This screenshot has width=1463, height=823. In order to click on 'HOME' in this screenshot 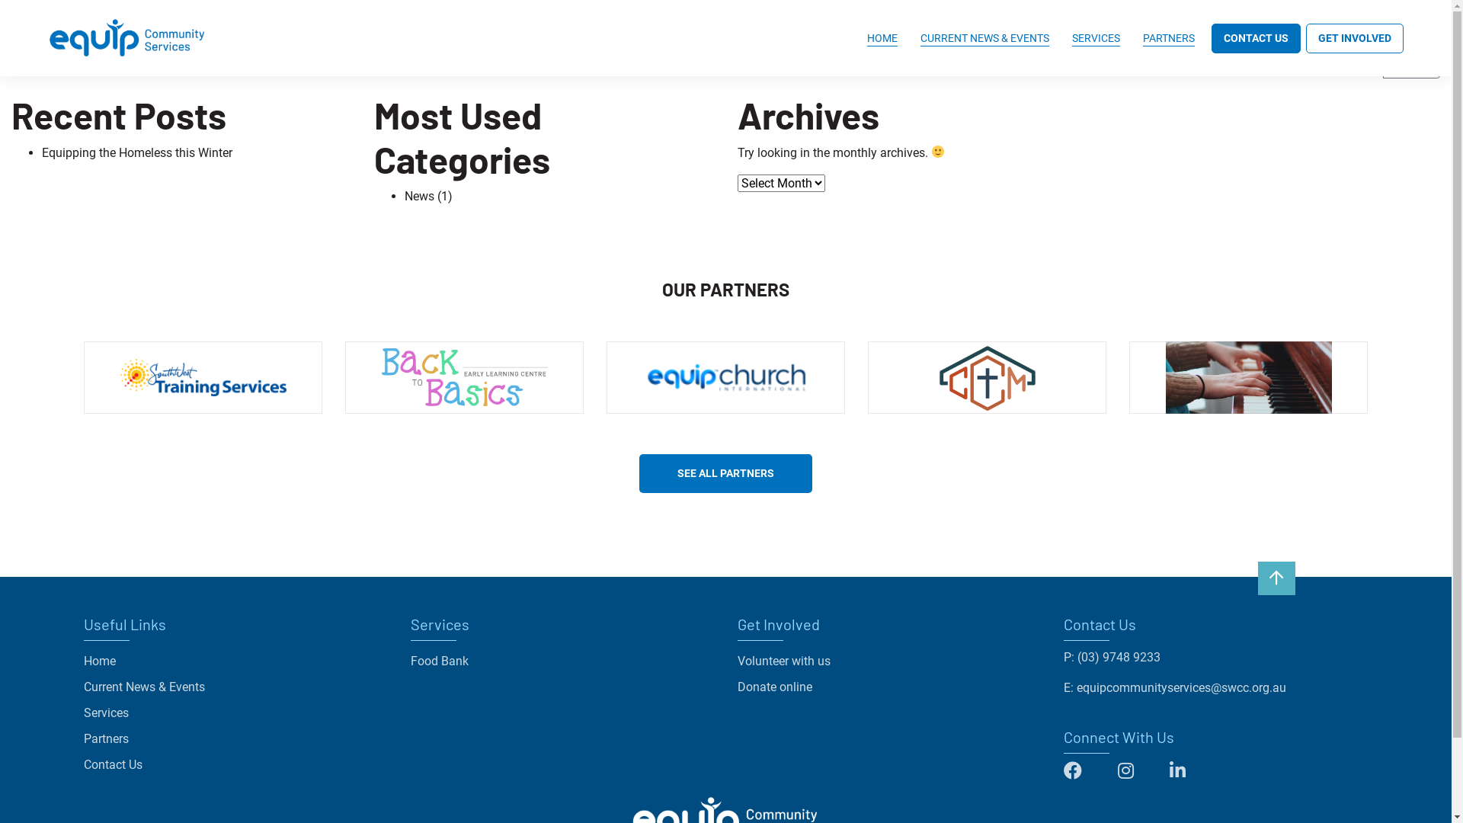, I will do `click(882, 37)`.